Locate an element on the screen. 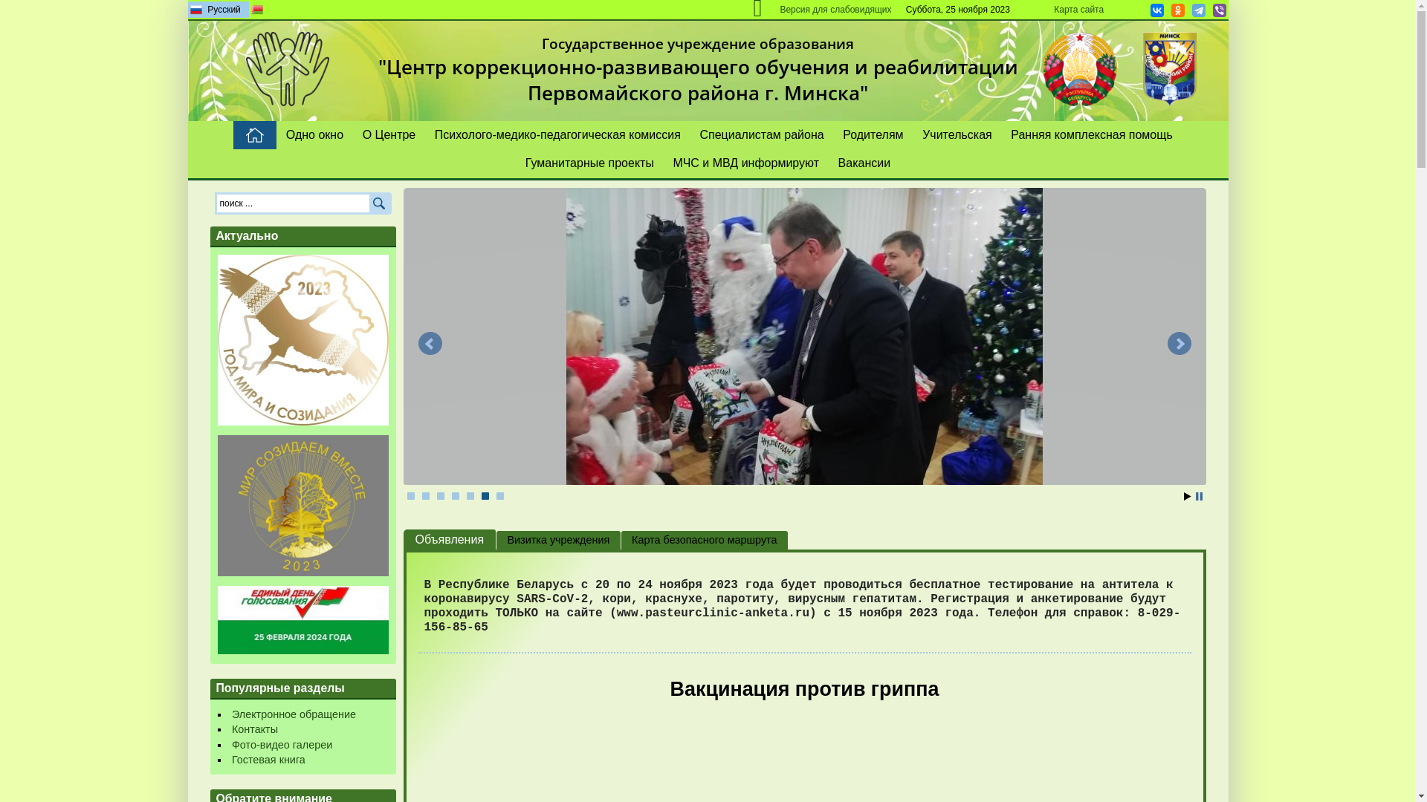  '2' is located at coordinates (424, 495).